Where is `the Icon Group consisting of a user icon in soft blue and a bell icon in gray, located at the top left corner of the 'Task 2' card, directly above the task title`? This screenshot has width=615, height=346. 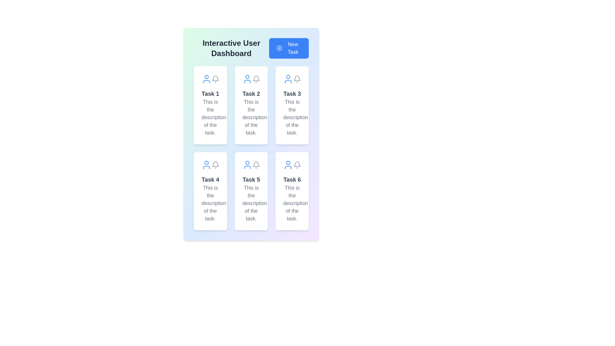 the Icon Group consisting of a user icon in soft blue and a bell icon in gray, located at the top left corner of the 'Task 2' card, directly above the task title is located at coordinates (251, 78).